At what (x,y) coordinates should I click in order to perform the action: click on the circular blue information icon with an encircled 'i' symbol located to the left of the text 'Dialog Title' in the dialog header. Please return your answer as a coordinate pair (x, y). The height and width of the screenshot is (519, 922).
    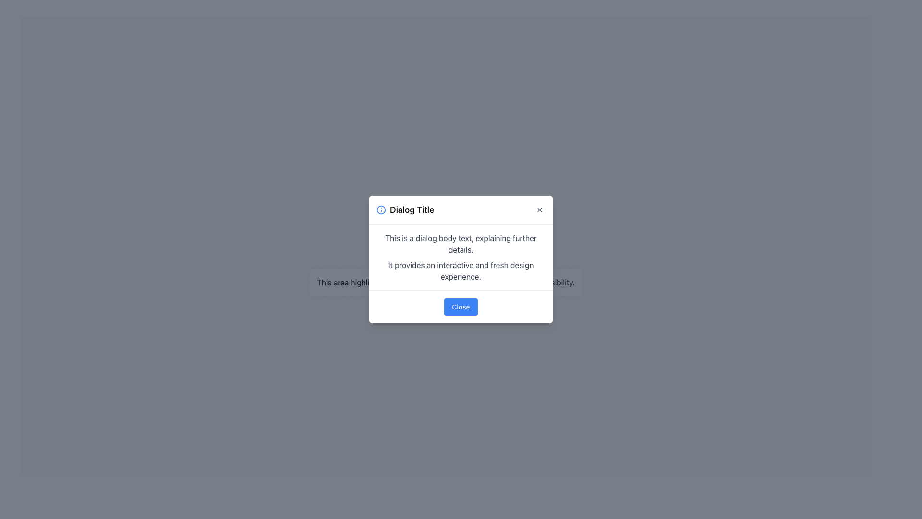
    Looking at the image, I should click on (380, 209).